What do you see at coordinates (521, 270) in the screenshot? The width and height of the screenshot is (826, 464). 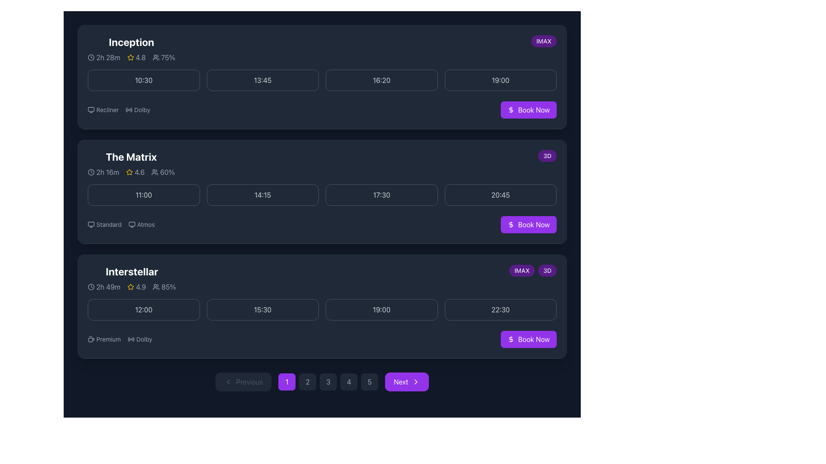 I see `label indicating that the movie 'Interstellar' is available in the IMAX format, positioned in the bottom section of the layout next to the '3D' badge` at bounding box center [521, 270].